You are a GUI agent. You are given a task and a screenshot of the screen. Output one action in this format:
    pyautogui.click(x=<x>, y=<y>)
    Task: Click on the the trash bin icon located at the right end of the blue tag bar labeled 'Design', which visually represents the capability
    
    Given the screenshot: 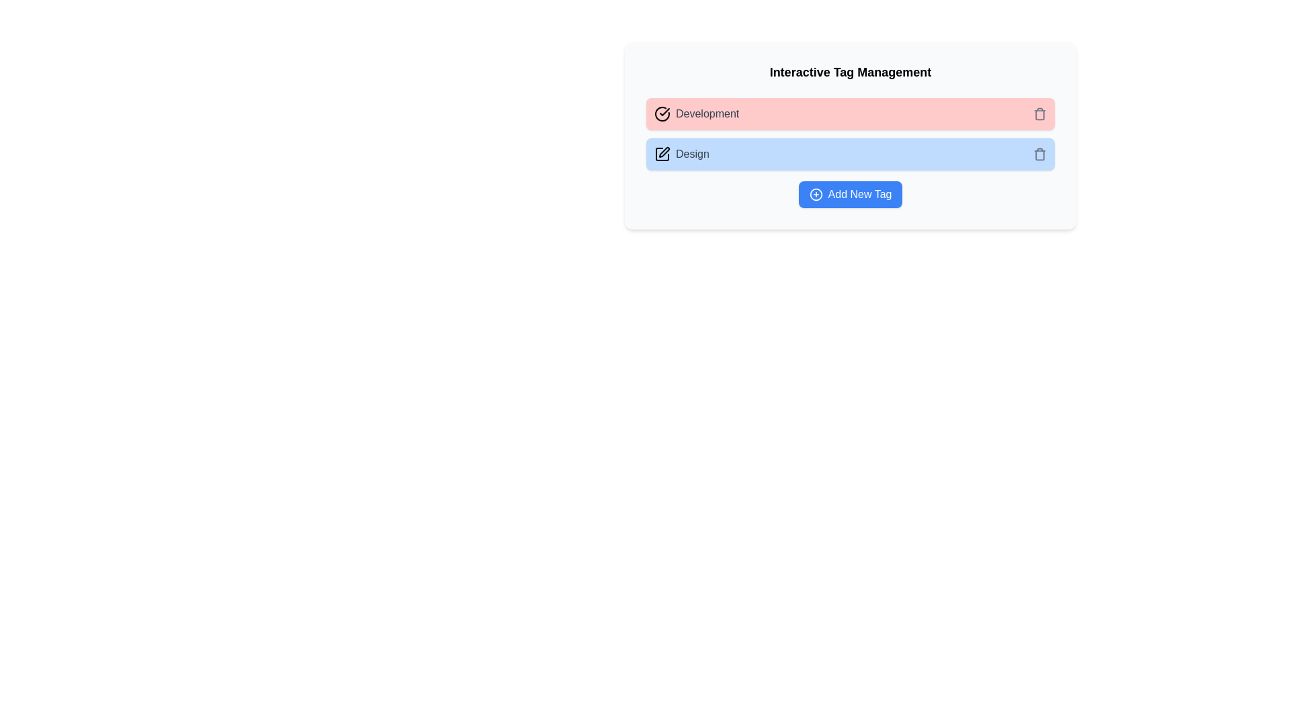 What is the action you would take?
    pyautogui.click(x=1039, y=154)
    